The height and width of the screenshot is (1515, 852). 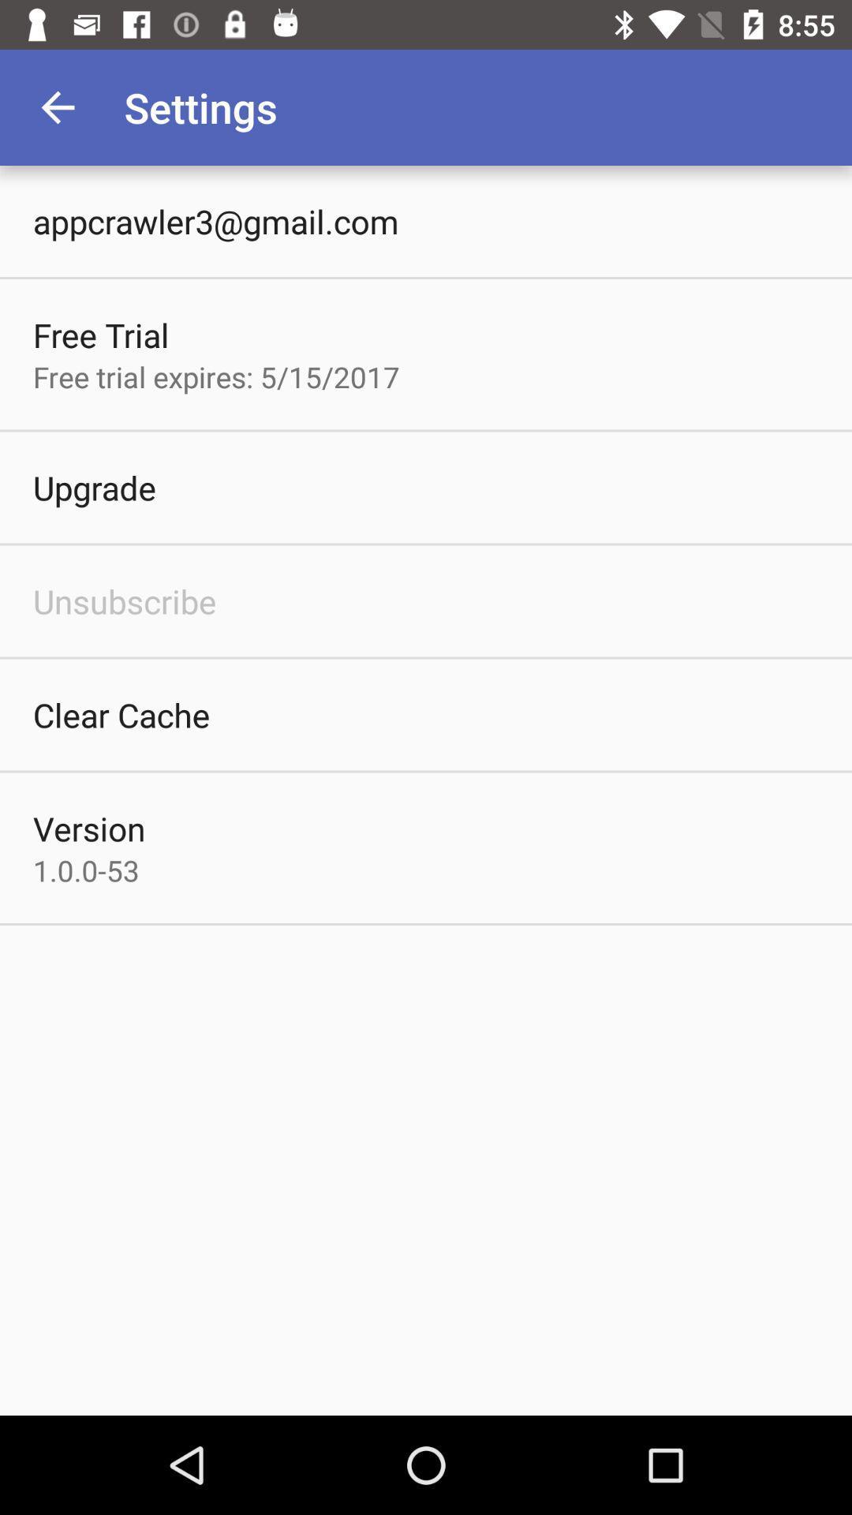 I want to click on the icon at the center, so click(x=426, y=791).